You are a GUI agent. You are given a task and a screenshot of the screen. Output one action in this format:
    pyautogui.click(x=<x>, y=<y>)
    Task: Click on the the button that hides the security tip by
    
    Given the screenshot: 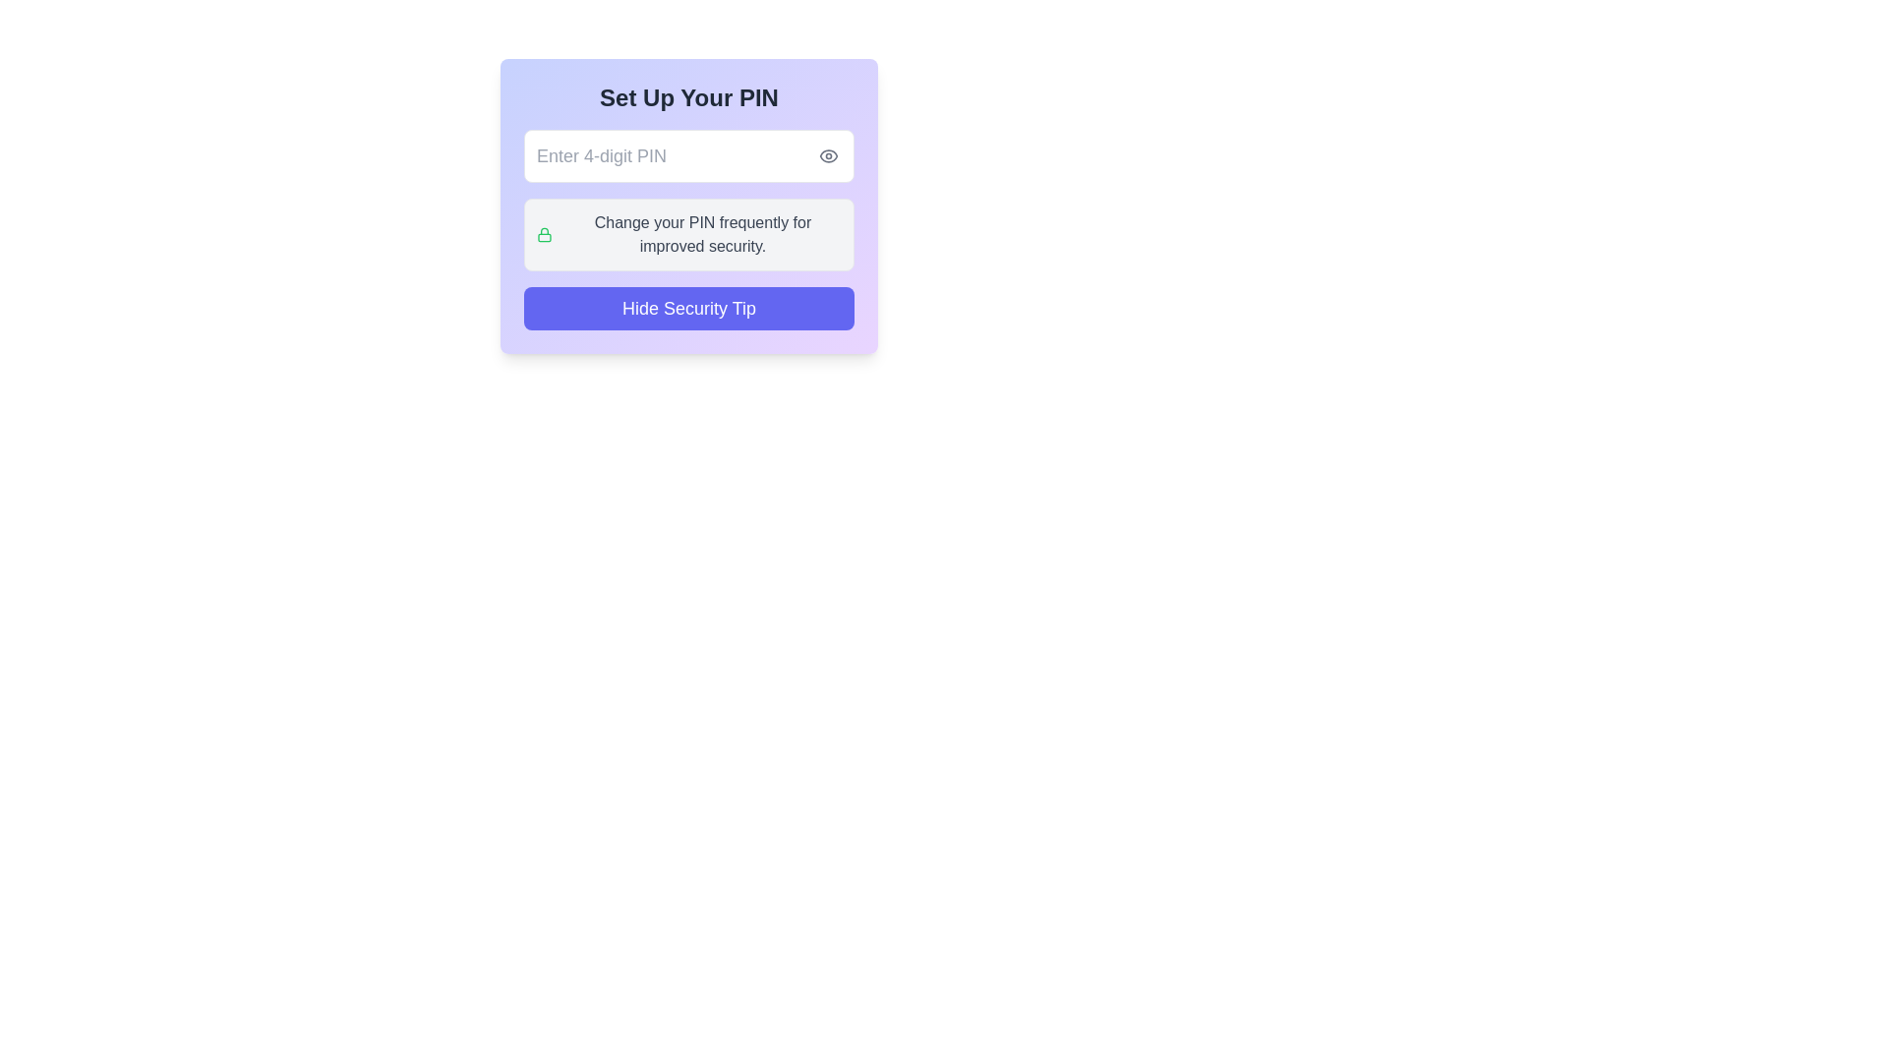 What is the action you would take?
    pyautogui.click(x=688, y=308)
    